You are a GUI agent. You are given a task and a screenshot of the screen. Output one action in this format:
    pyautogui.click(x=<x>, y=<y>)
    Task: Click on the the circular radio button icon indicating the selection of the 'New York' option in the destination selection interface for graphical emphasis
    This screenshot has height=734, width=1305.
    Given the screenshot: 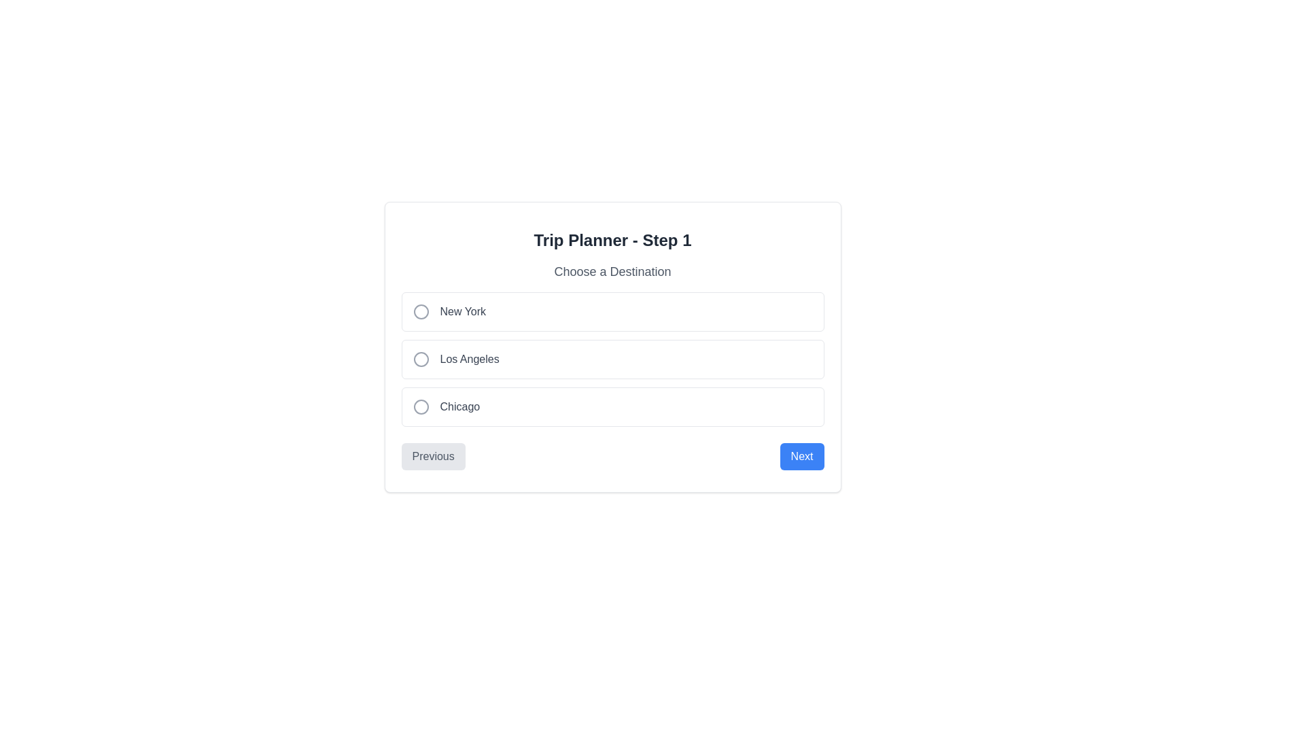 What is the action you would take?
    pyautogui.click(x=420, y=312)
    